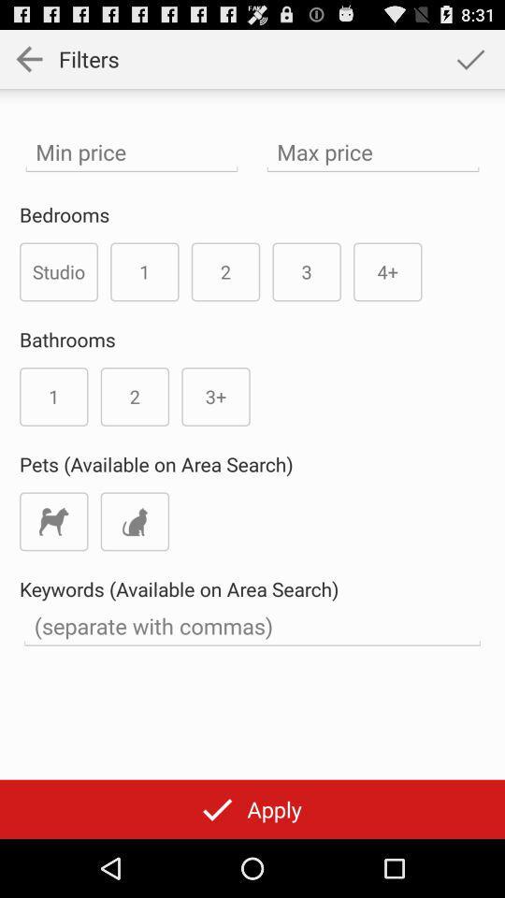 The image size is (505, 898). I want to click on pet option dog, so click(53, 521).